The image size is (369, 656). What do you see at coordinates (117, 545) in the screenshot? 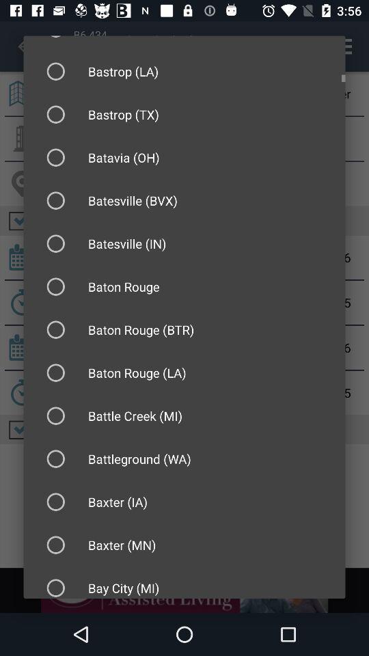
I see `text above the text bay city mi` at bounding box center [117, 545].